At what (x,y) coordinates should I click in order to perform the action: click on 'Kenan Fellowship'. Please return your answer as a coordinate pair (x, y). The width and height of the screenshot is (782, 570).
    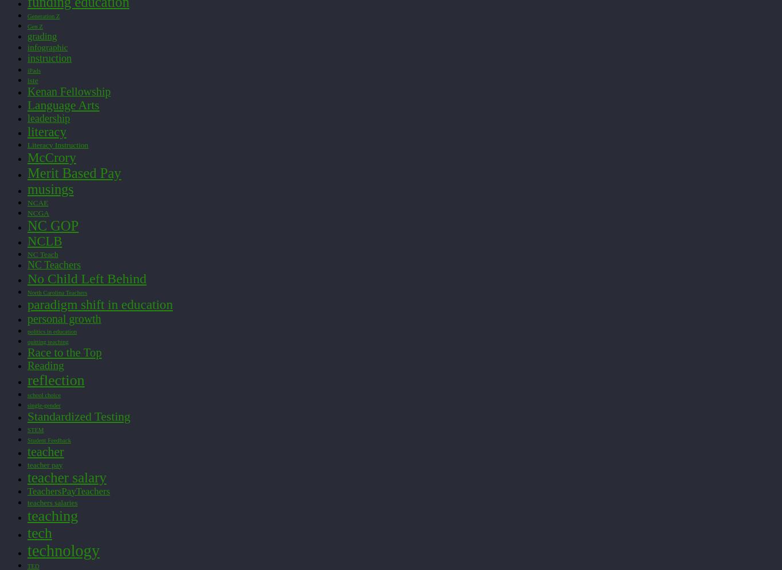
    Looking at the image, I should click on (68, 90).